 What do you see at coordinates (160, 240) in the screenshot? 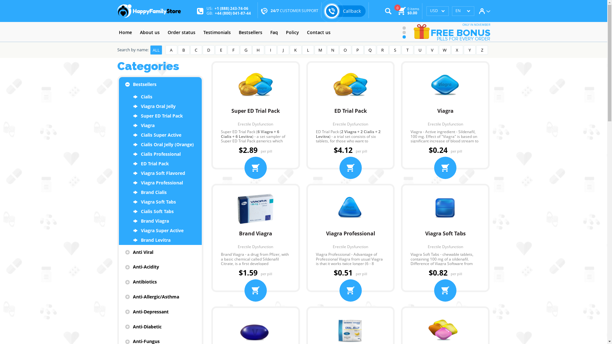
I see `'Brand Levitra'` at bounding box center [160, 240].